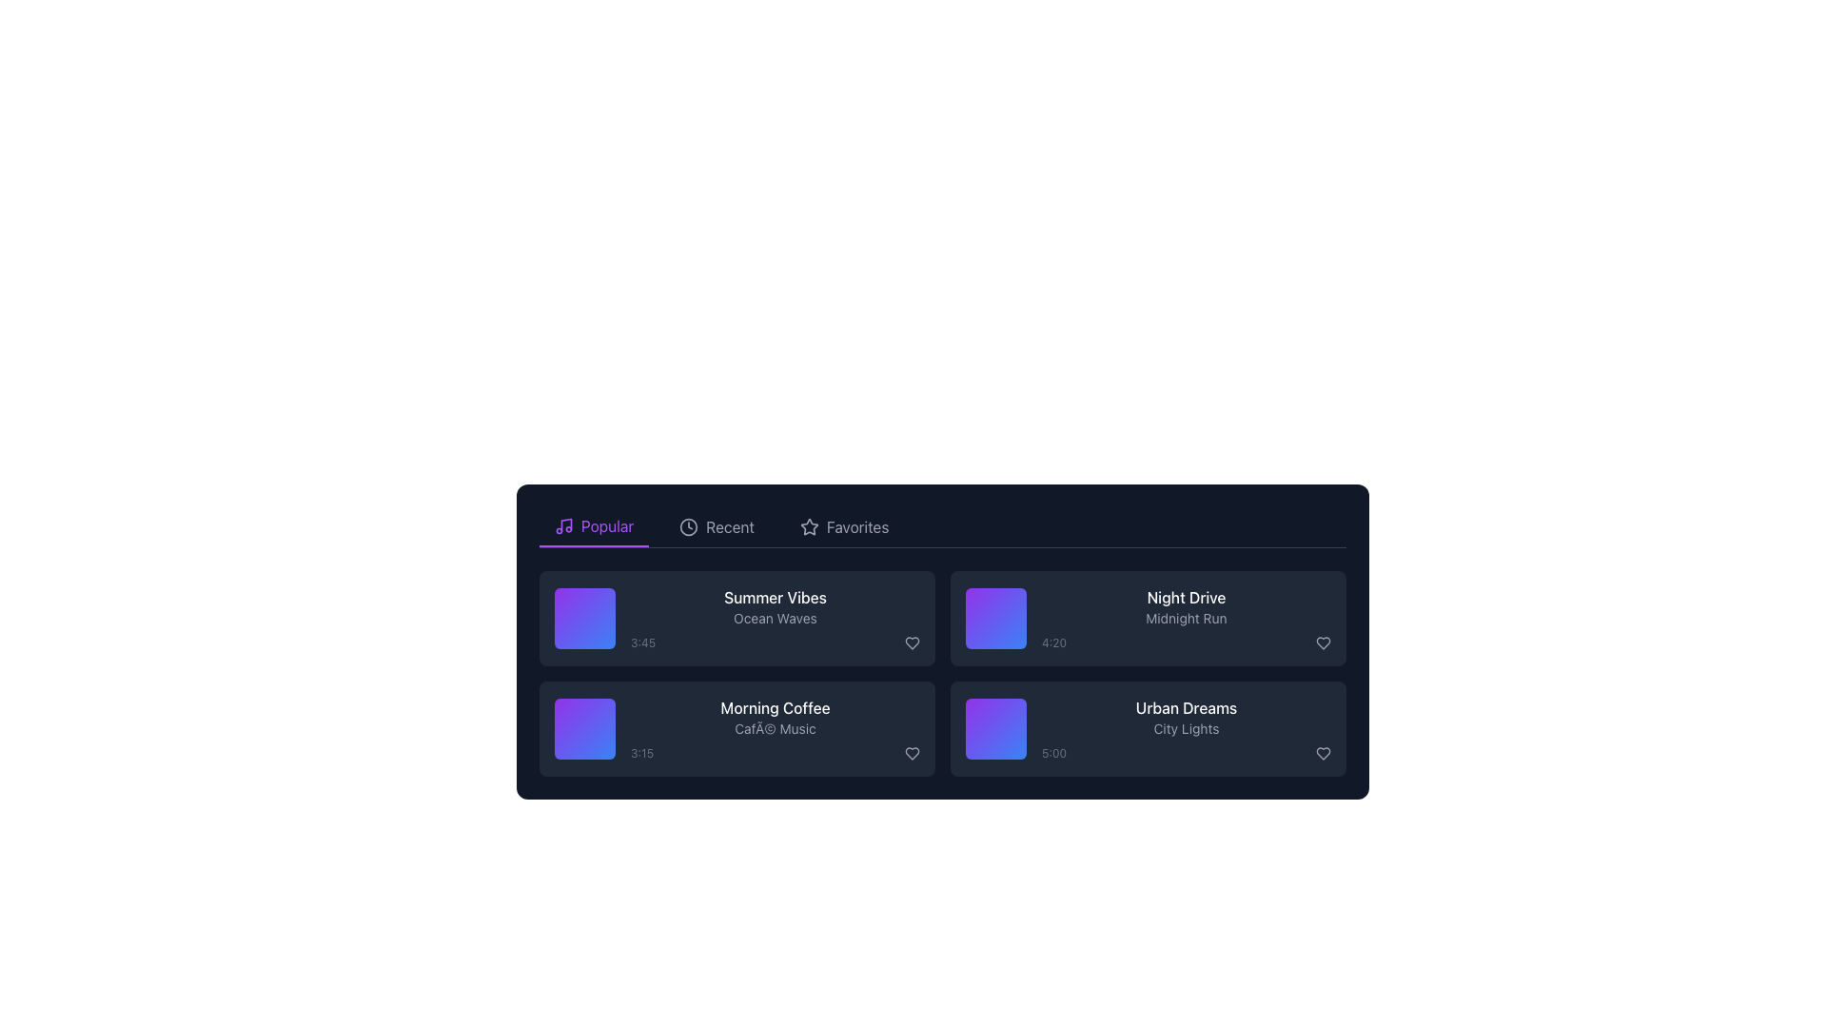  I want to click on the heart icon located in the second card titled 'Summer Vibes, Ocean Waves' in the 'Popular' section, so click(912, 642).